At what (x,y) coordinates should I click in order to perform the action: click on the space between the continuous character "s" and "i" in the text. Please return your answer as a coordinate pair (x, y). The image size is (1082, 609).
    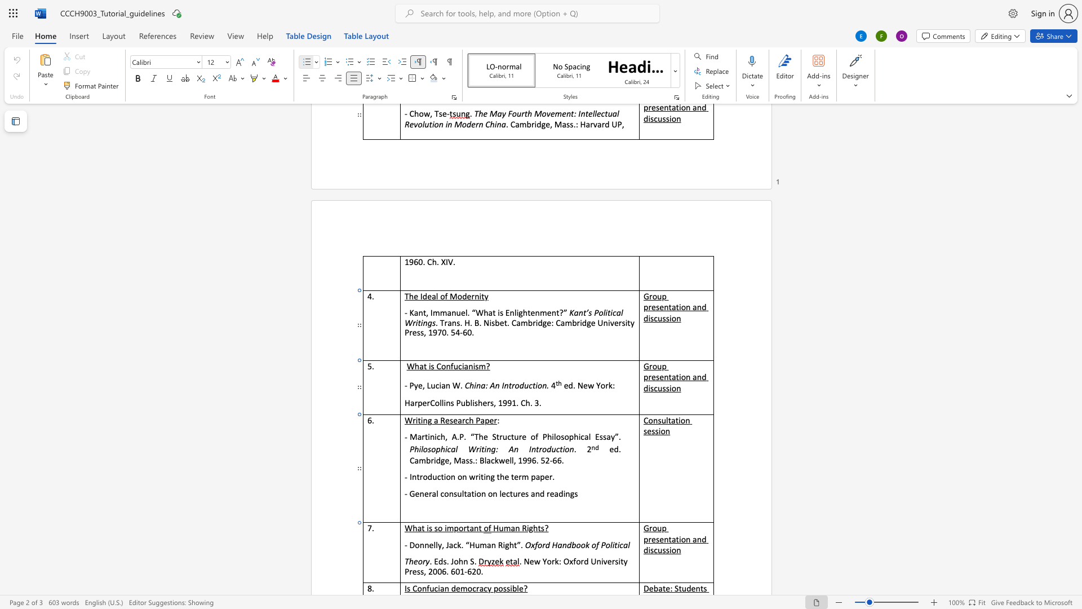
    Looking at the image, I should click on (658, 431).